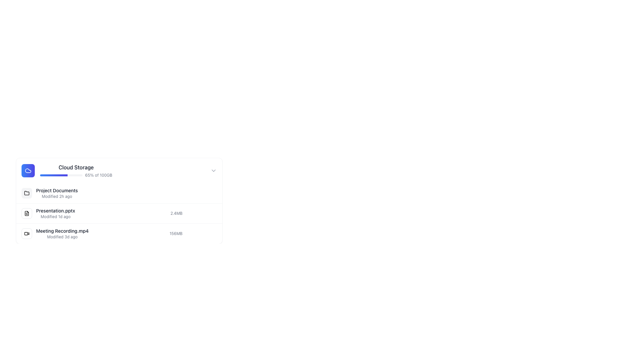  I want to click on the storage progress bar, so click(40, 175).